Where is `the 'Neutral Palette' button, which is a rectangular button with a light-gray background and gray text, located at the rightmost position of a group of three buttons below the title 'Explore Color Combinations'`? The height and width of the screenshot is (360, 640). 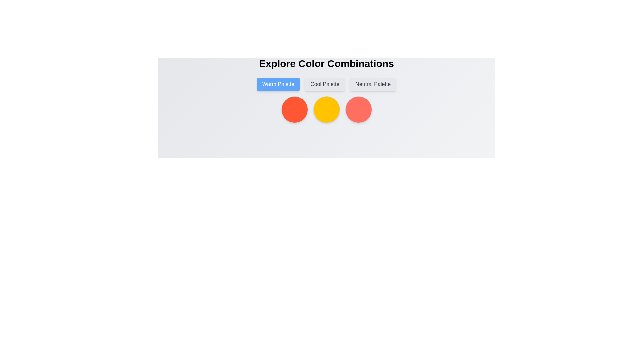 the 'Neutral Palette' button, which is a rectangular button with a light-gray background and gray text, located at the rightmost position of a group of three buttons below the title 'Explore Color Combinations' is located at coordinates (373, 84).